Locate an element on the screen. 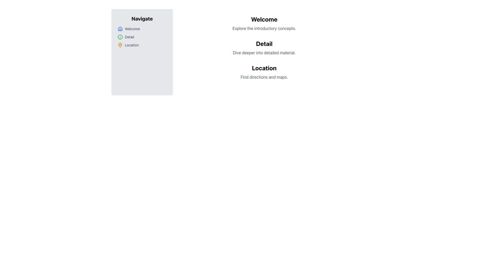 This screenshot has height=274, width=487. the 'Location' navigation link located at the bottom of the 'Navigate' panel is located at coordinates (142, 45).